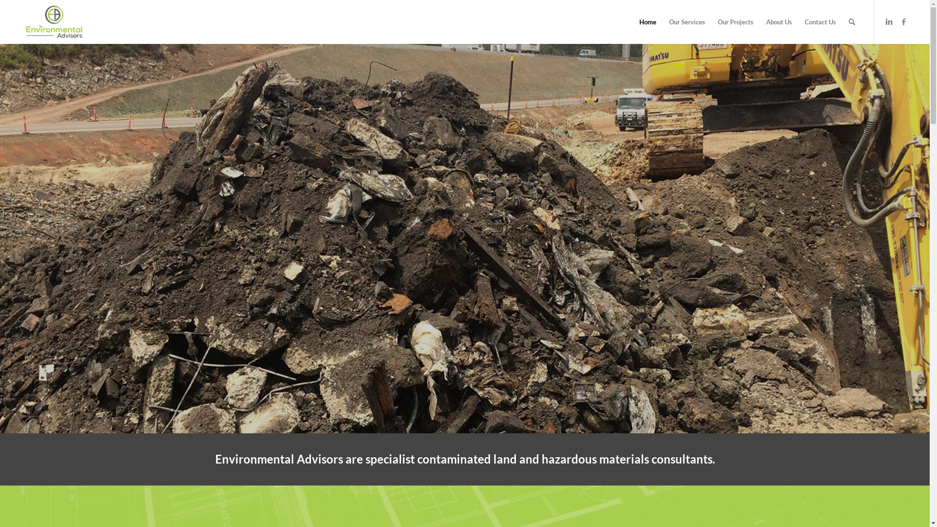  Describe the element at coordinates (903, 21) in the screenshot. I see `'Facebook'` at that location.